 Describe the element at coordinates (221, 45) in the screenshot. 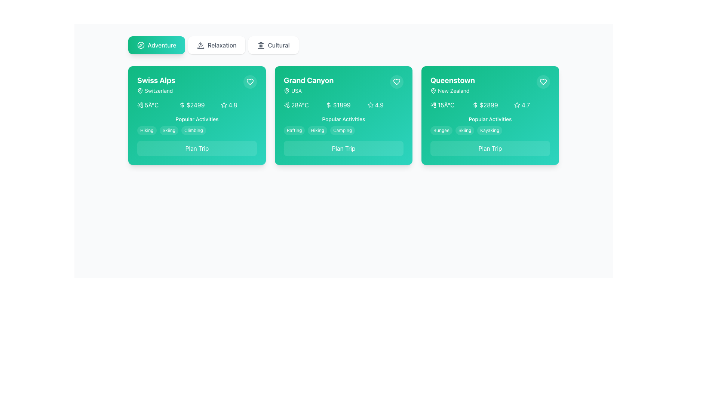

I see `the Text label within the navigation button that filters relaxation-themed activities, located between 'Adventure' and 'Cultural', in a drag-and-drop interface` at that location.